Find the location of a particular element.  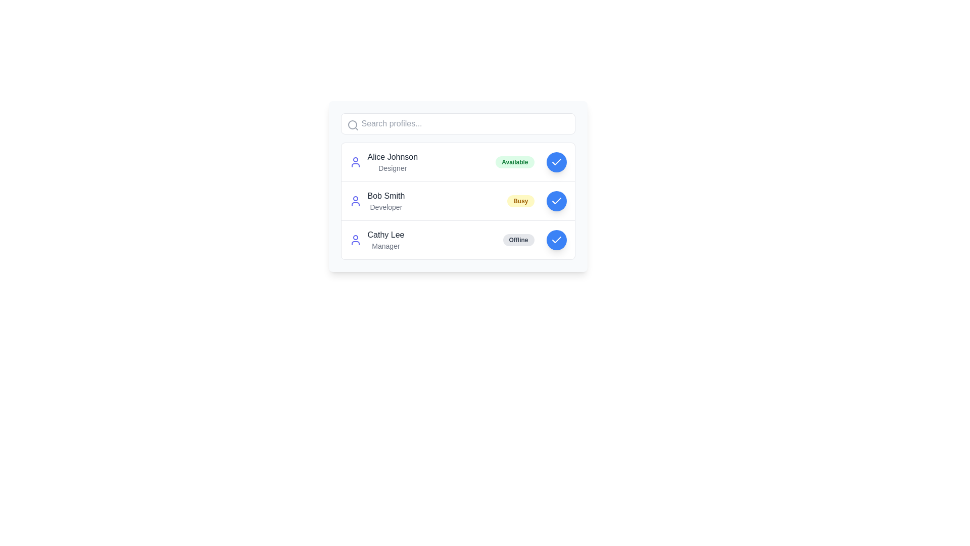

the Text Pair element displaying the identity of a specific individual located in the third row of the user list is located at coordinates (385, 240).